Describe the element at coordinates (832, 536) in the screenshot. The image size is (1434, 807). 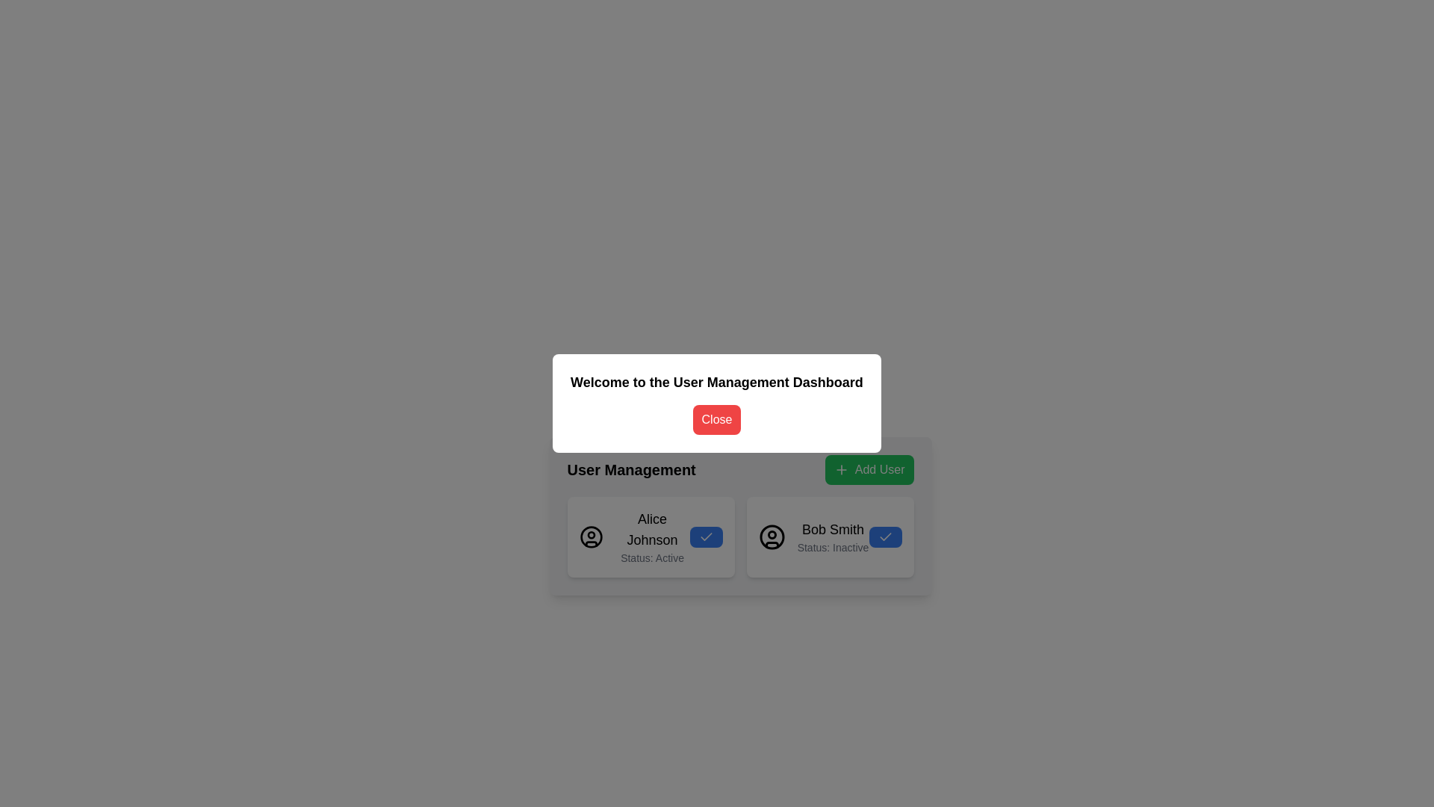
I see `the text label displaying 'Bob Smith' and their status 'Inactive' located in the second card under the 'User Management' section` at that location.